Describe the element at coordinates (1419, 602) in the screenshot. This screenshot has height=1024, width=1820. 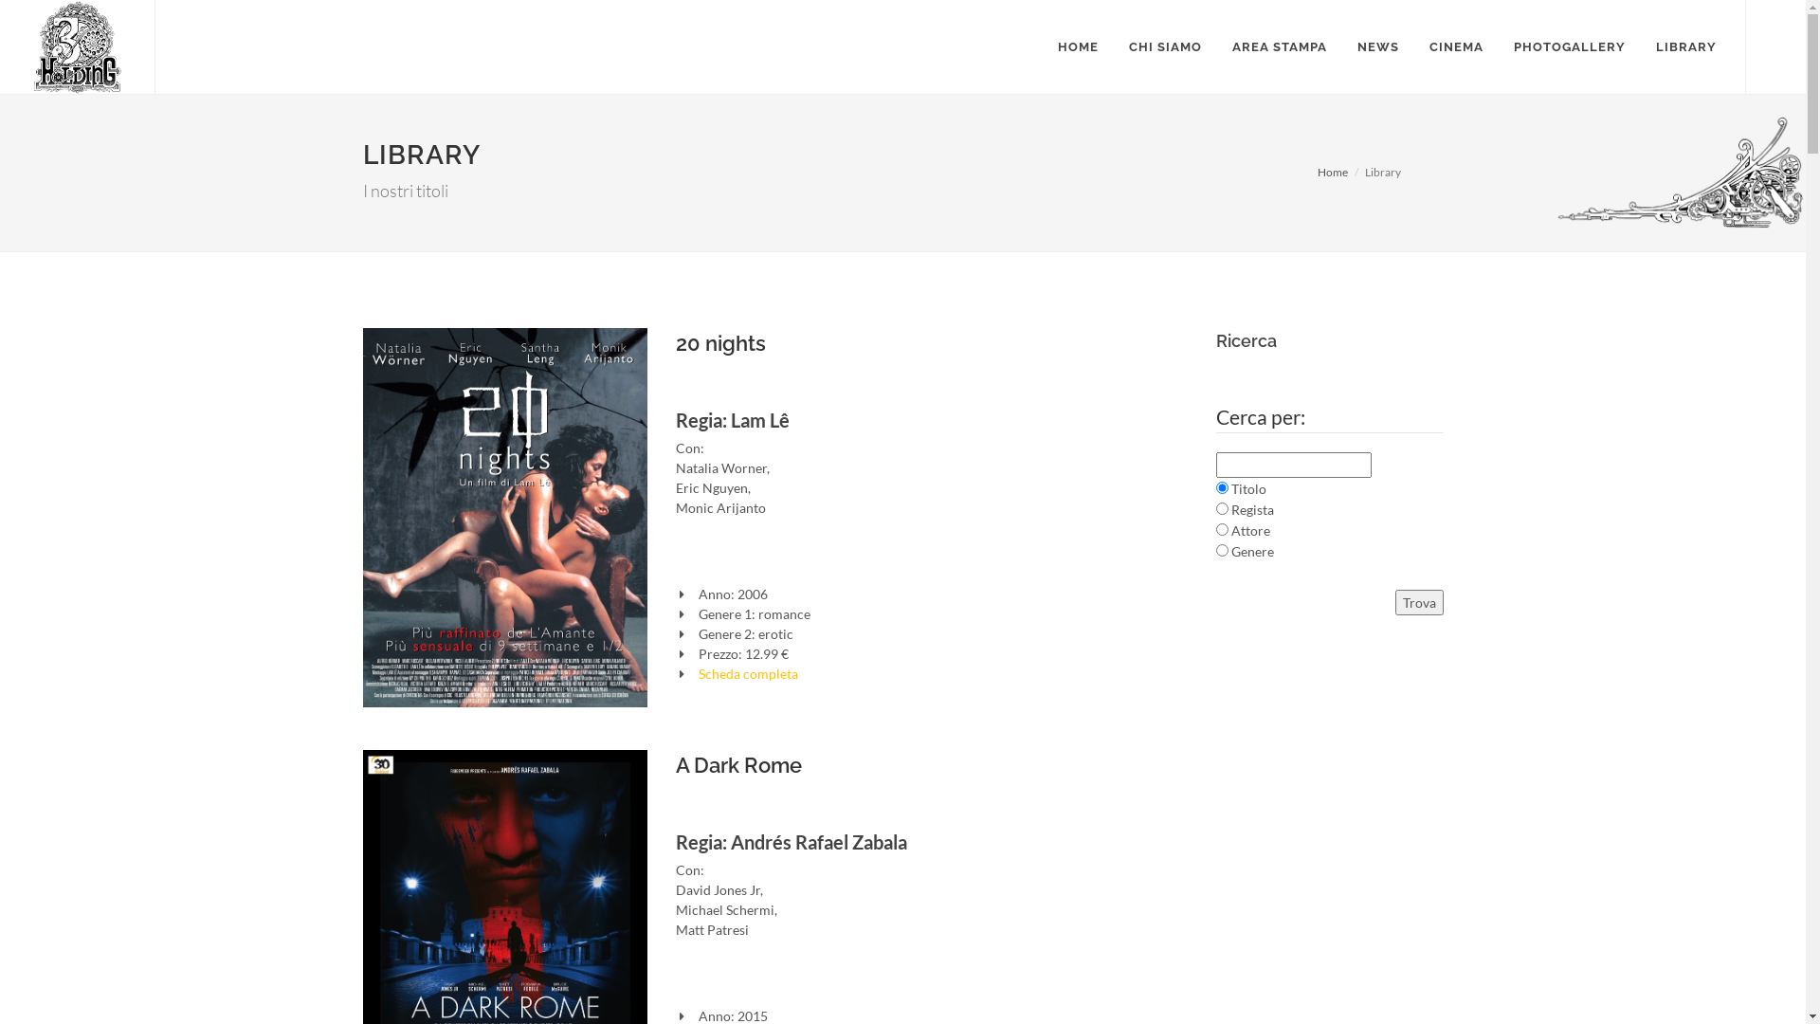
I see `'Trova'` at that location.